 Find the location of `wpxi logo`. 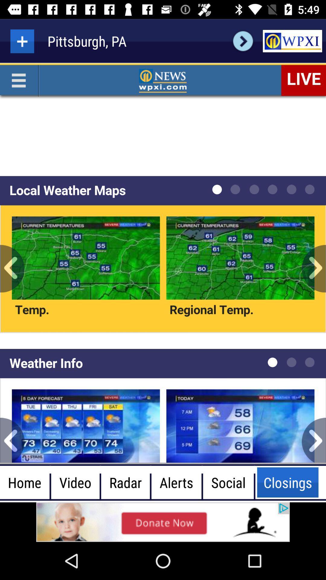

wpxi logo is located at coordinates (292, 41).